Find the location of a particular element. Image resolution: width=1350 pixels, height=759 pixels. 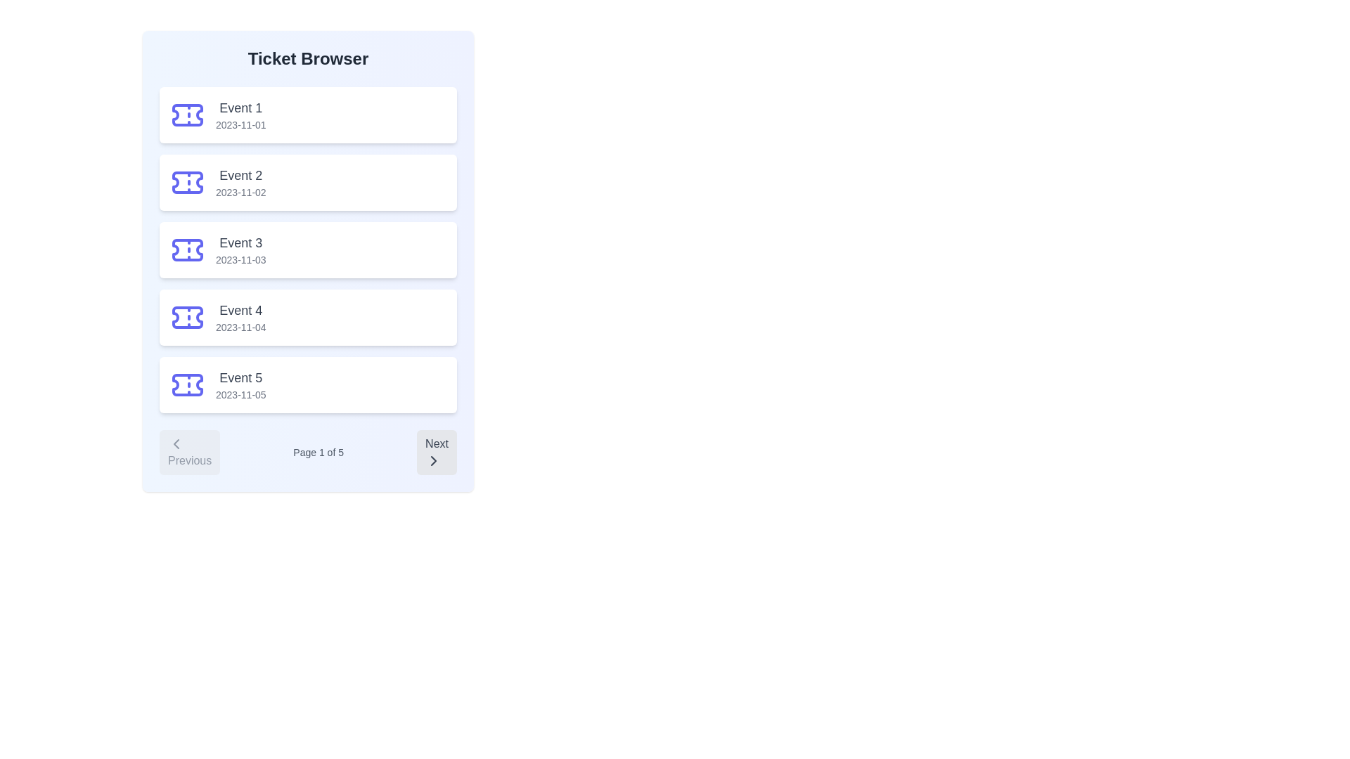

the non-interactive date label that provides context for 'Event 2', located directly underneath the 'Event 2' text in the second entry of the event list is located at coordinates (240, 192).